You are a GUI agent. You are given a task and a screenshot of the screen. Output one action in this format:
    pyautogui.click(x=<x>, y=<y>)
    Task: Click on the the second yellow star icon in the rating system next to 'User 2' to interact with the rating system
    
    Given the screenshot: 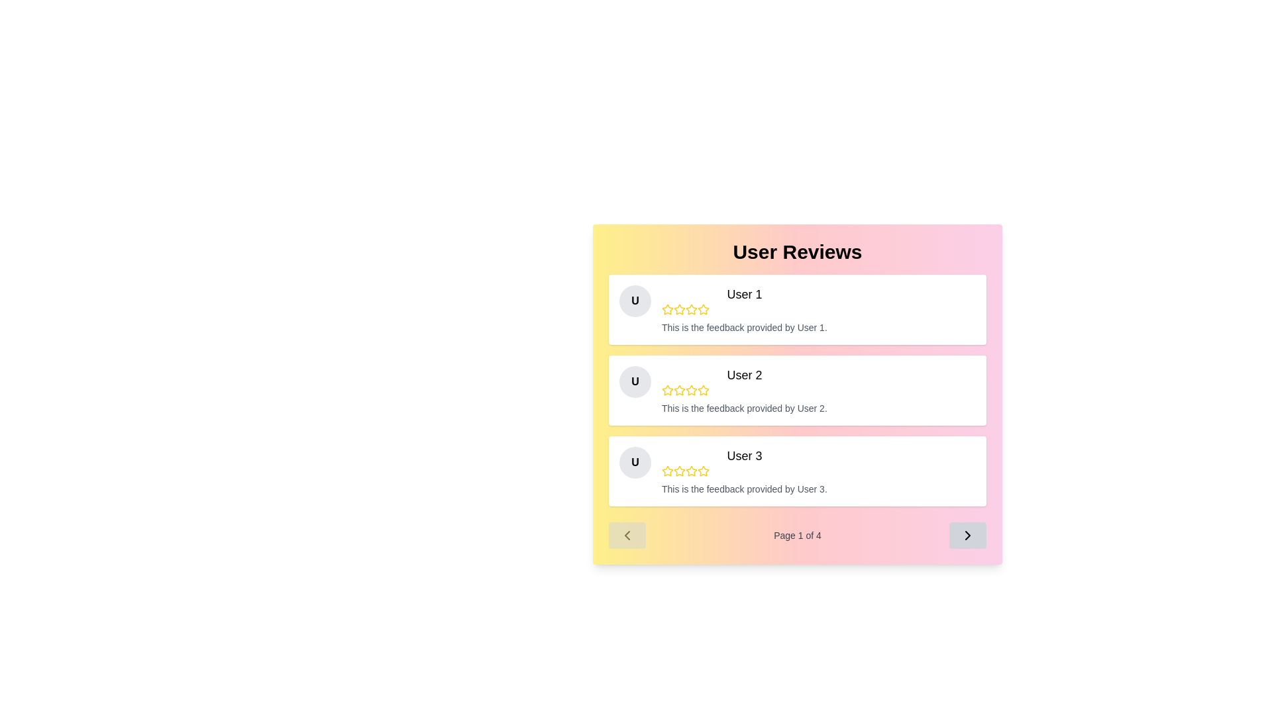 What is the action you would take?
    pyautogui.click(x=702, y=389)
    